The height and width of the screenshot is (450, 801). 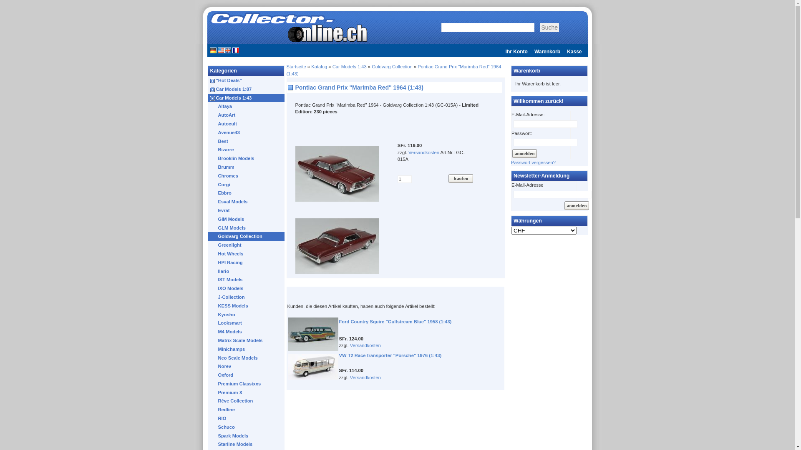 What do you see at coordinates (247, 288) in the screenshot?
I see `'IXO Models'` at bounding box center [247, 288].